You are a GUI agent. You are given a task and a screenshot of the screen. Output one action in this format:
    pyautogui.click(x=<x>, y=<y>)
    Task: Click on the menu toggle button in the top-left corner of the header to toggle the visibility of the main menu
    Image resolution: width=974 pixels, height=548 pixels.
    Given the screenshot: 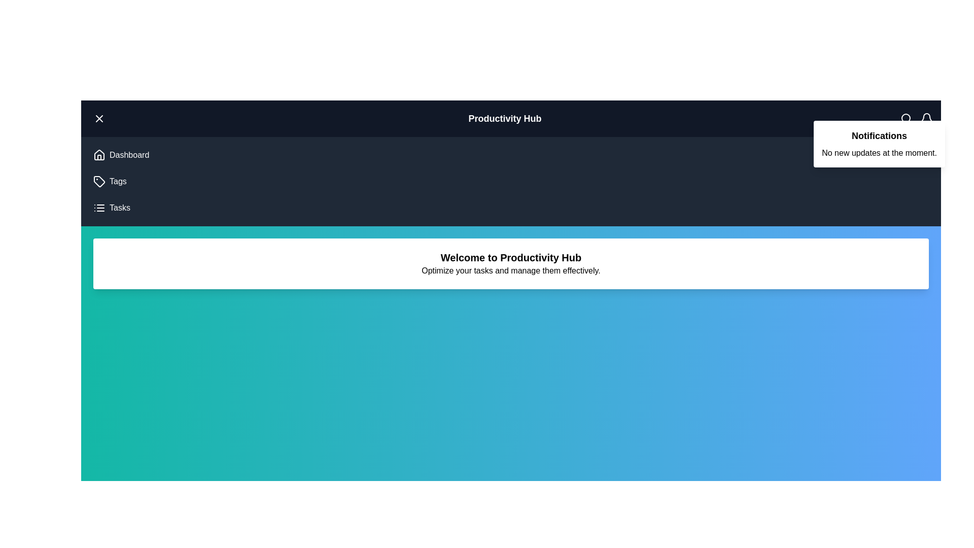 What is the action you would take?
    pyautogui.click(x=99, y=118)
    